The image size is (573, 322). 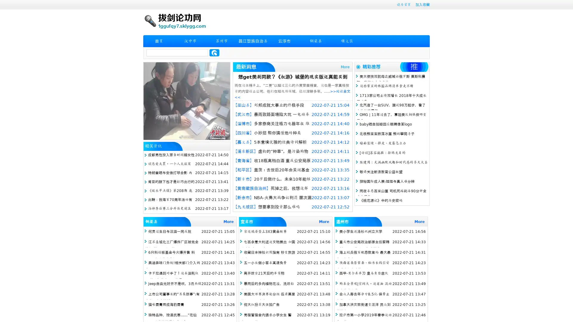 What do you see at coordinates (214, 52) in the screenshot?
I see `Search` at bounding box center [214, 52].